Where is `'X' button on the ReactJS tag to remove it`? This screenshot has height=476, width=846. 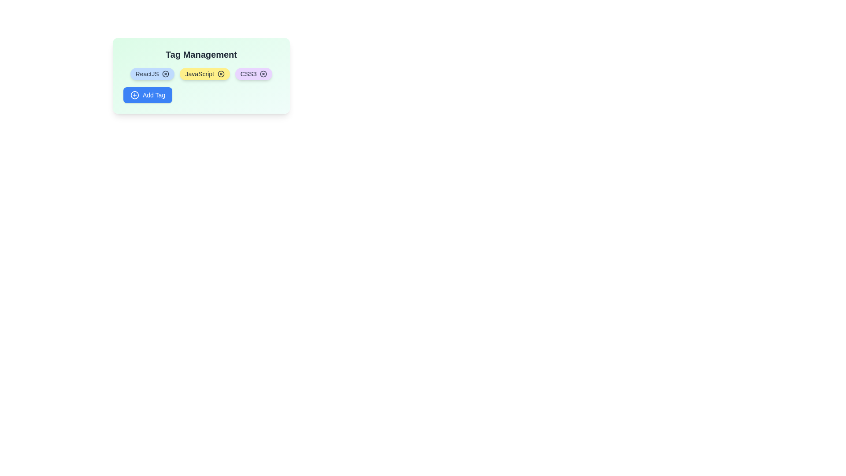
'X' button on the ReactJS tag to remove it is located at coordinates (166, 74).